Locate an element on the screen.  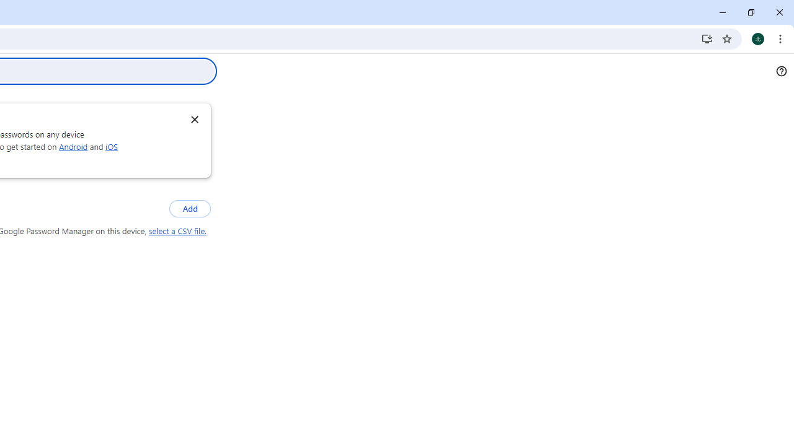
'Add' is located at coordinates (189, 208).